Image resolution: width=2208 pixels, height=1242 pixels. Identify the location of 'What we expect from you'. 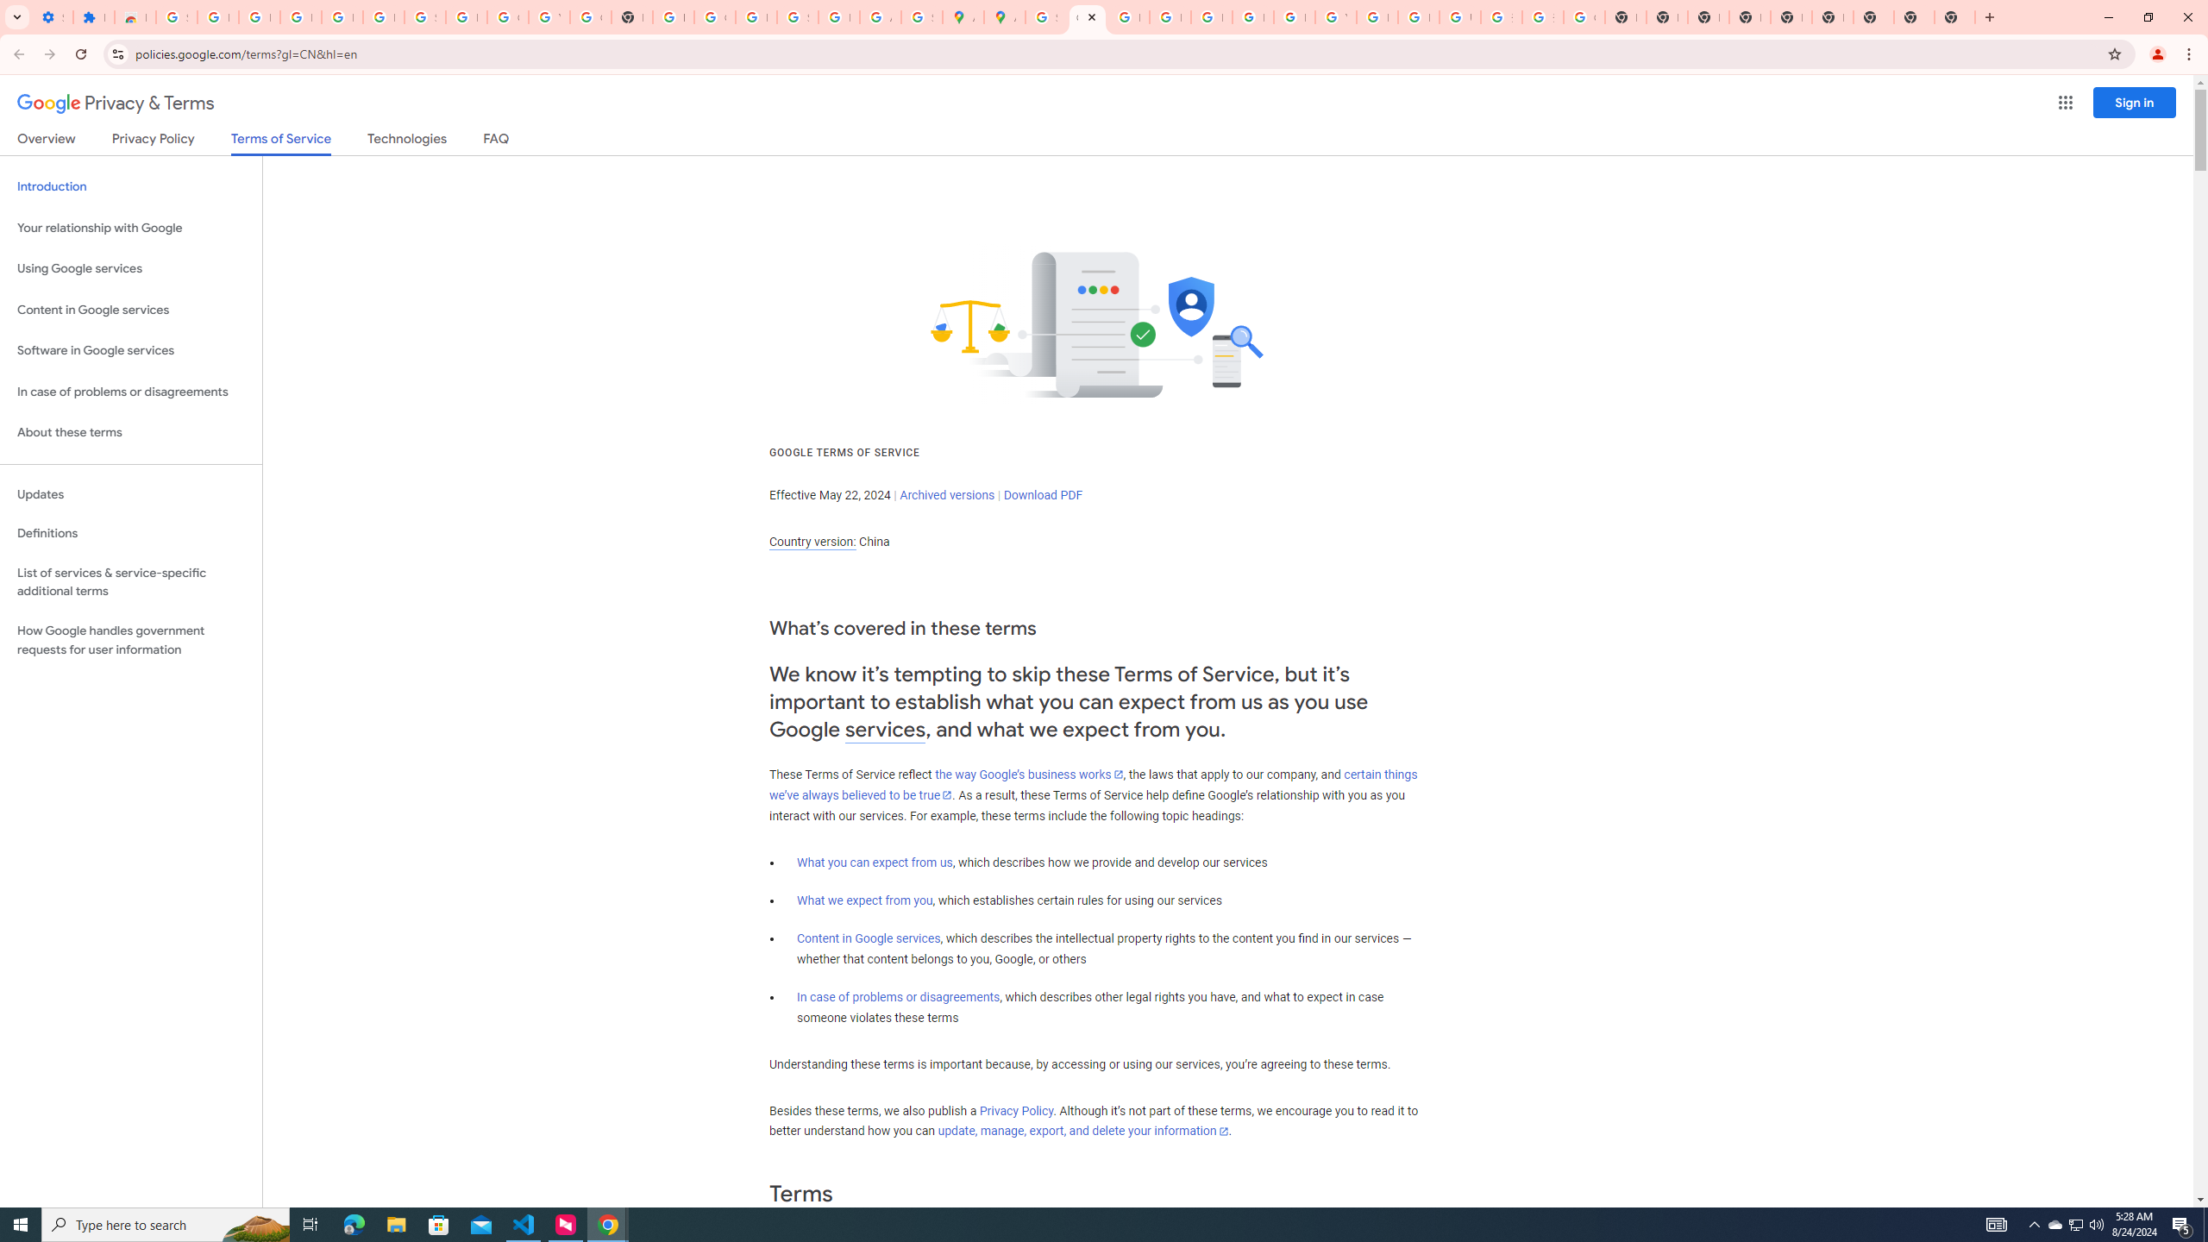
(864, 900).